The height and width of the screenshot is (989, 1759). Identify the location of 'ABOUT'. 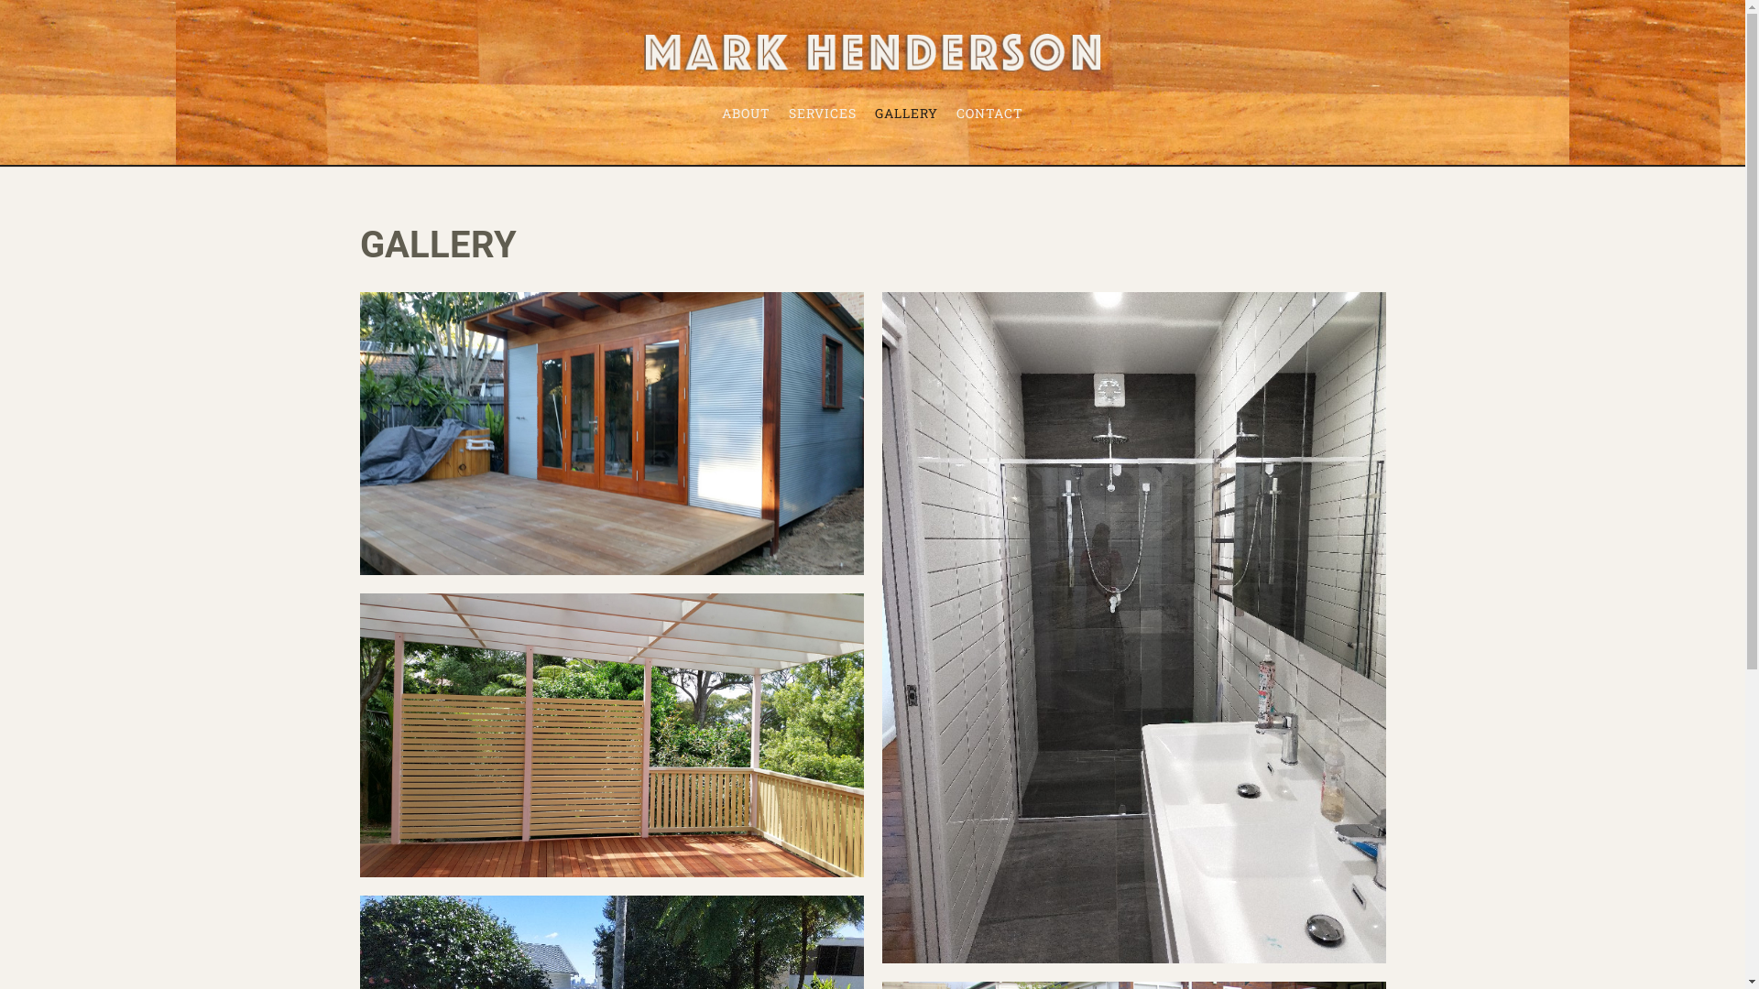
(746, 113).